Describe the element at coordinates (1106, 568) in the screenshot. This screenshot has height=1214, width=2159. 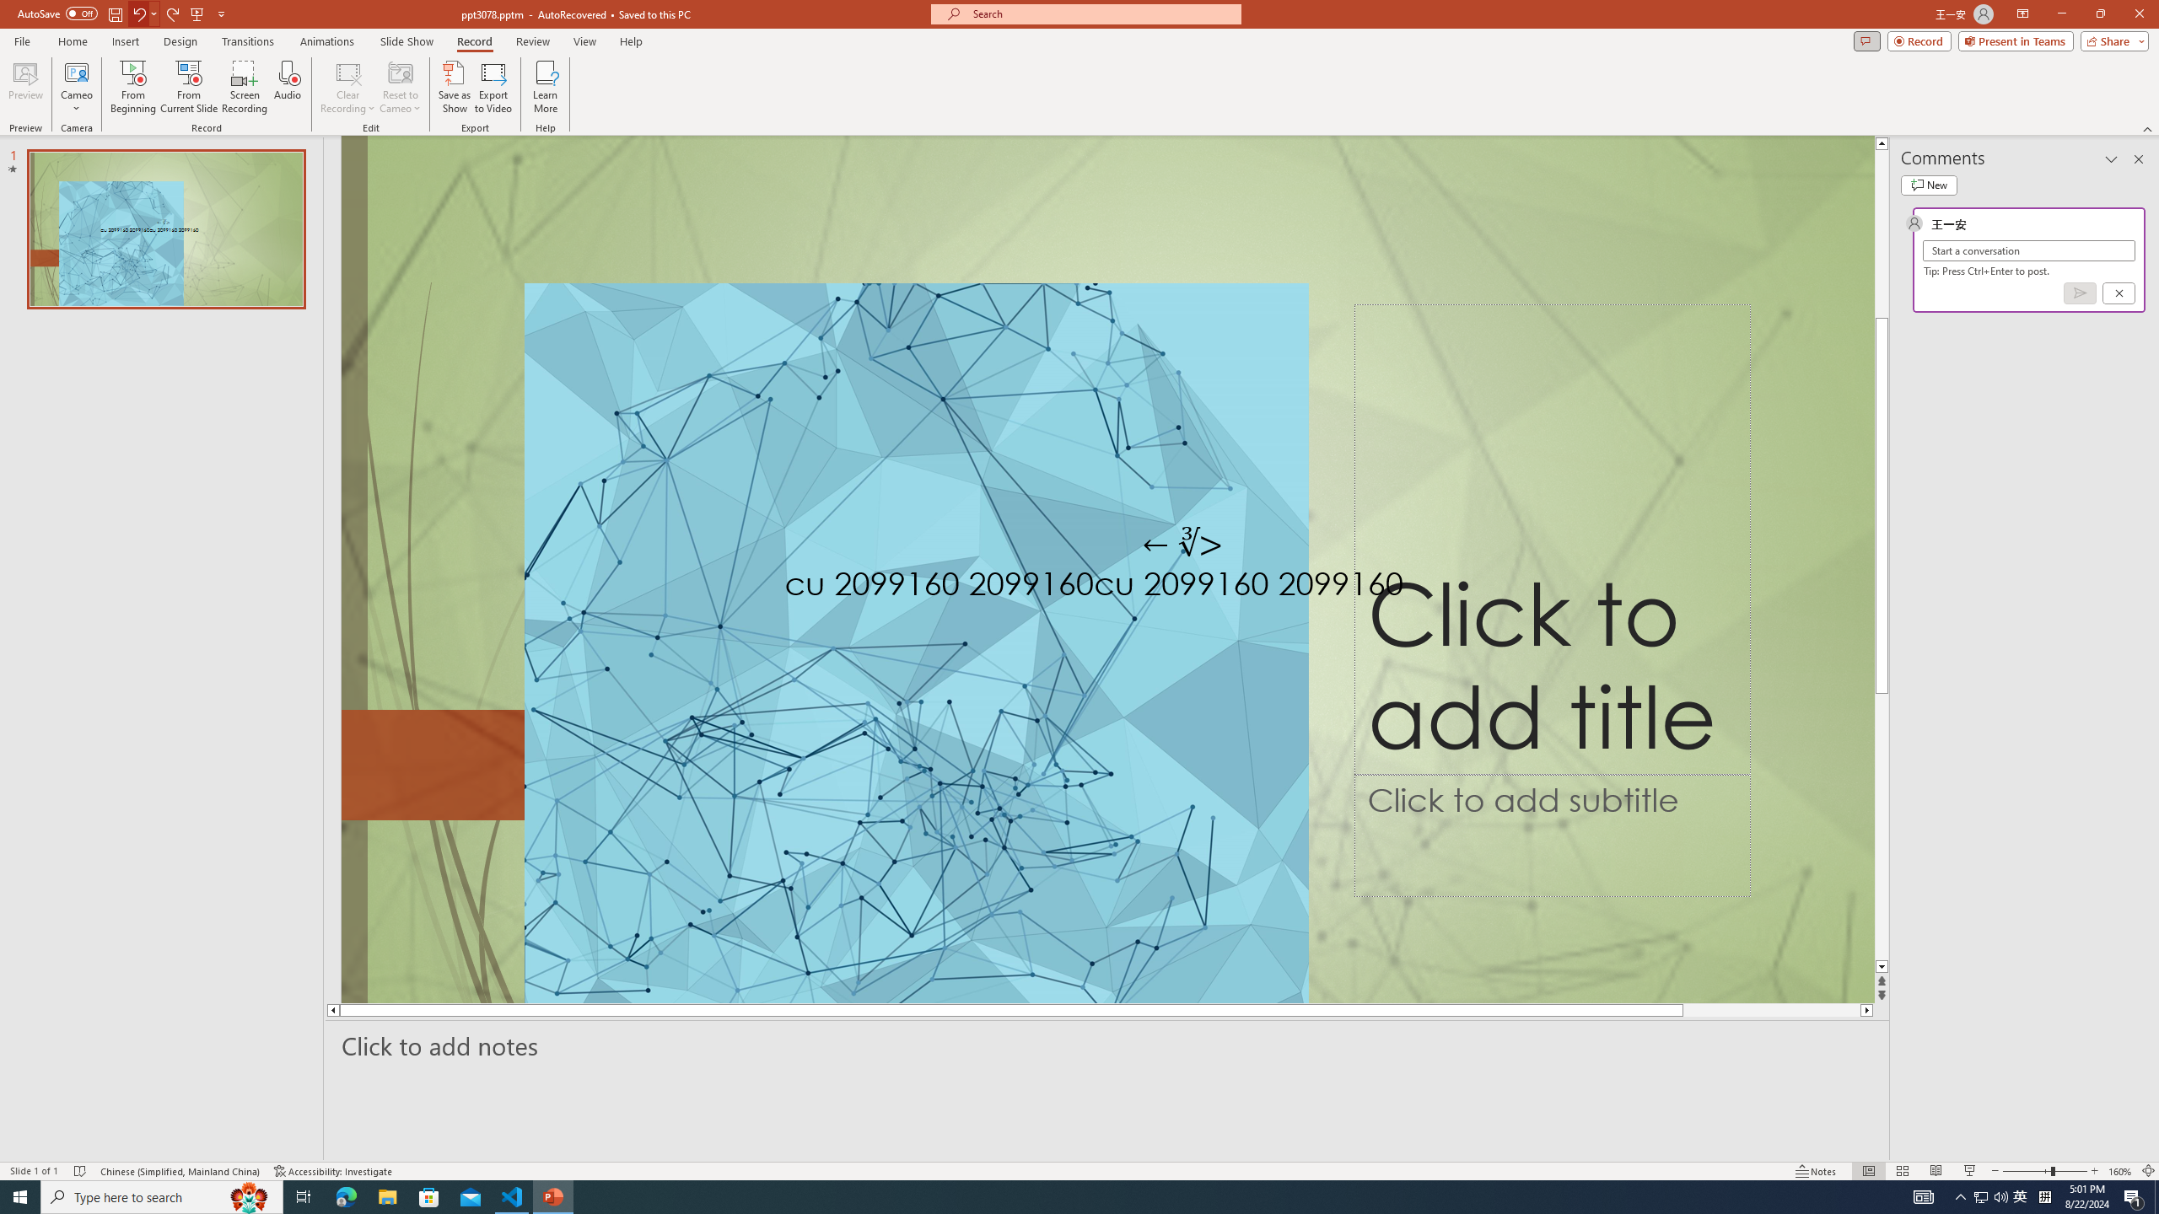
I see `'An abstract genetic concept'` at that location.